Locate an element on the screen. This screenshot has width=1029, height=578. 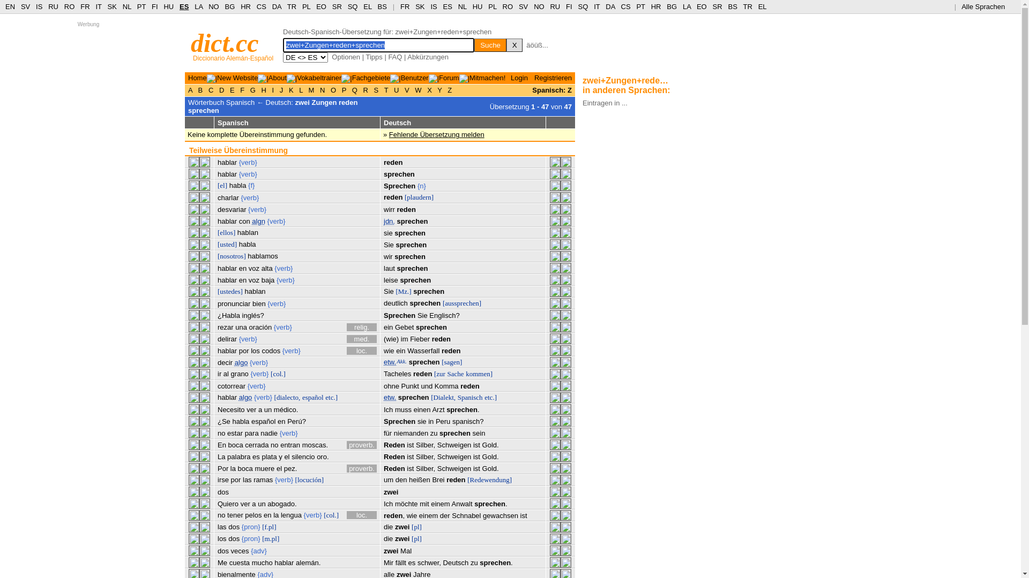
'im' is located at coordinates (404, 339).